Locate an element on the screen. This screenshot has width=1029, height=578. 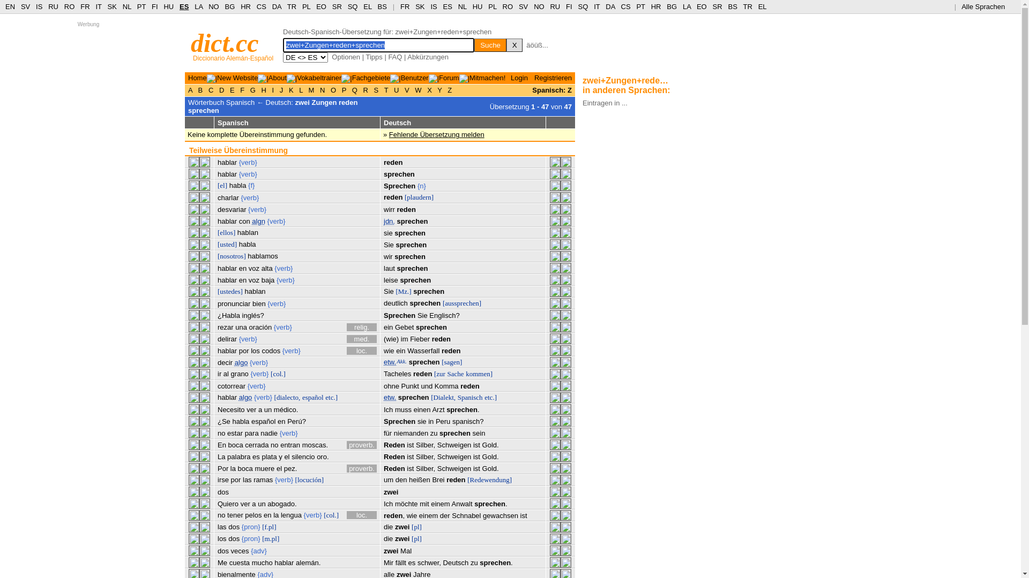
'im' is located at coordinates (404, 339).